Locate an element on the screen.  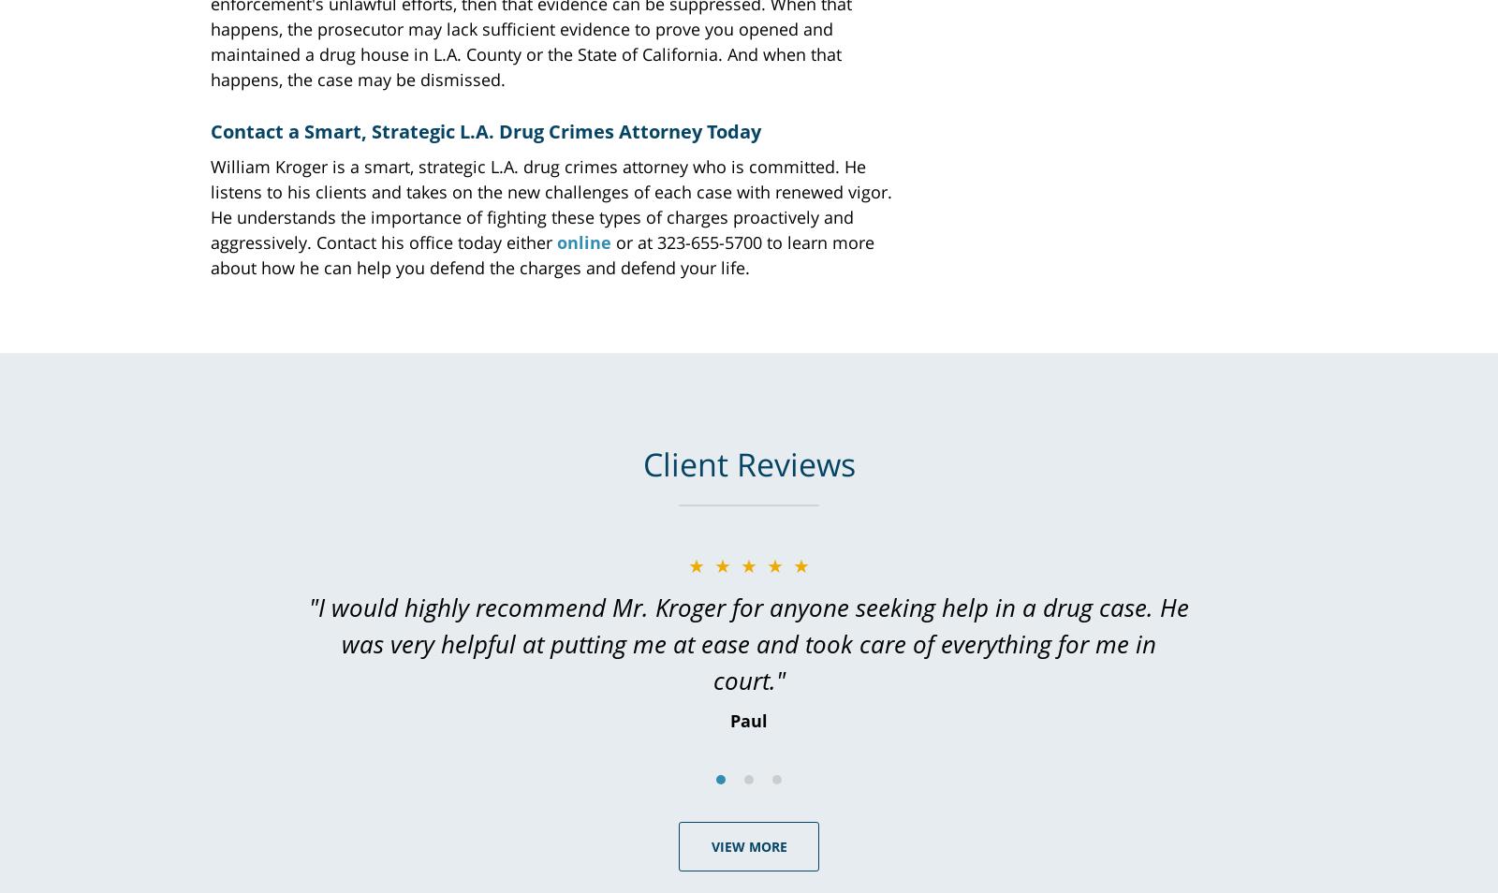
'William Kroger is a smart, strategic L.A. drug crimes attorney who is committed. He listens to his clients and takes on the new challenges of each case with renewed vigor. He understands the importance of fighting these types of charges proactively and aggressively. Contact his office today either' is located at coordinates (550, 202).